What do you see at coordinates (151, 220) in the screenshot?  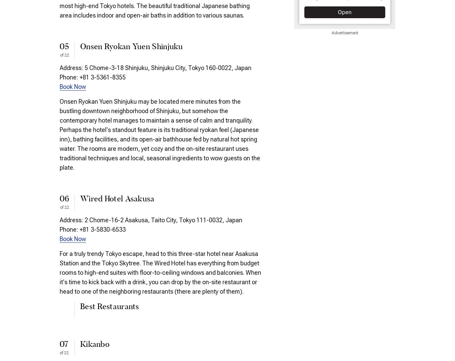 I see `'Address: 2 Chome-16-2 Asakusa, Taito City, Tokyo 111-0032, Japan'` at bounding box center [151, 220].